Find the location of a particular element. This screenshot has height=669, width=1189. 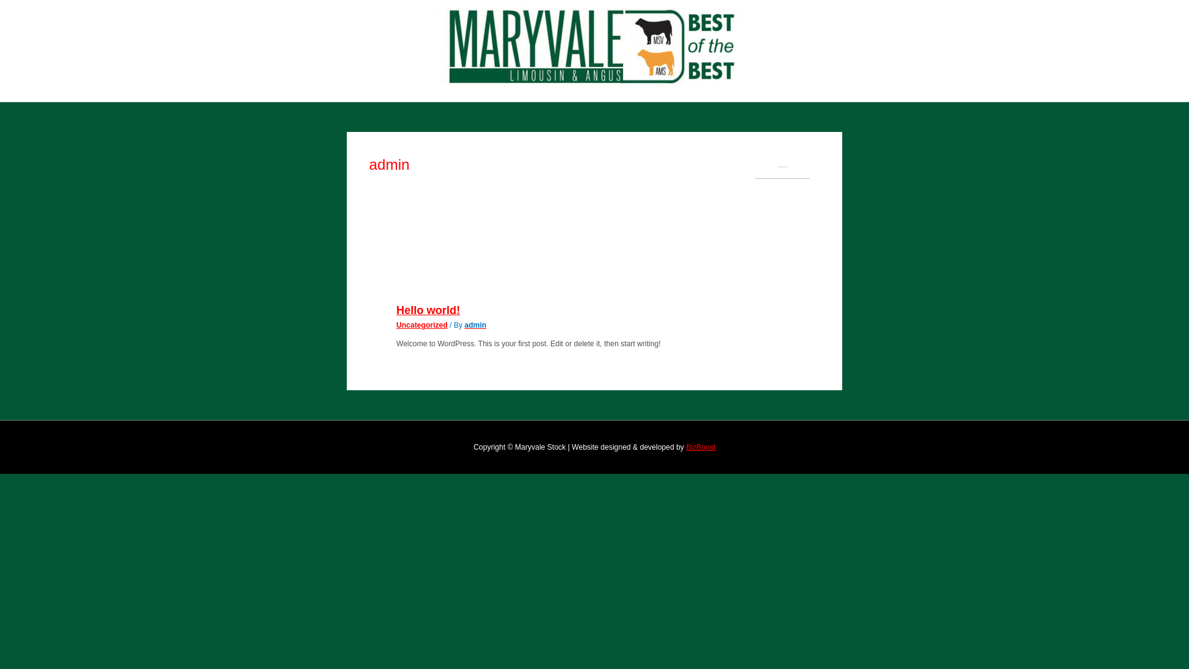

'Hello world!' is located at coordinates (428, 310).